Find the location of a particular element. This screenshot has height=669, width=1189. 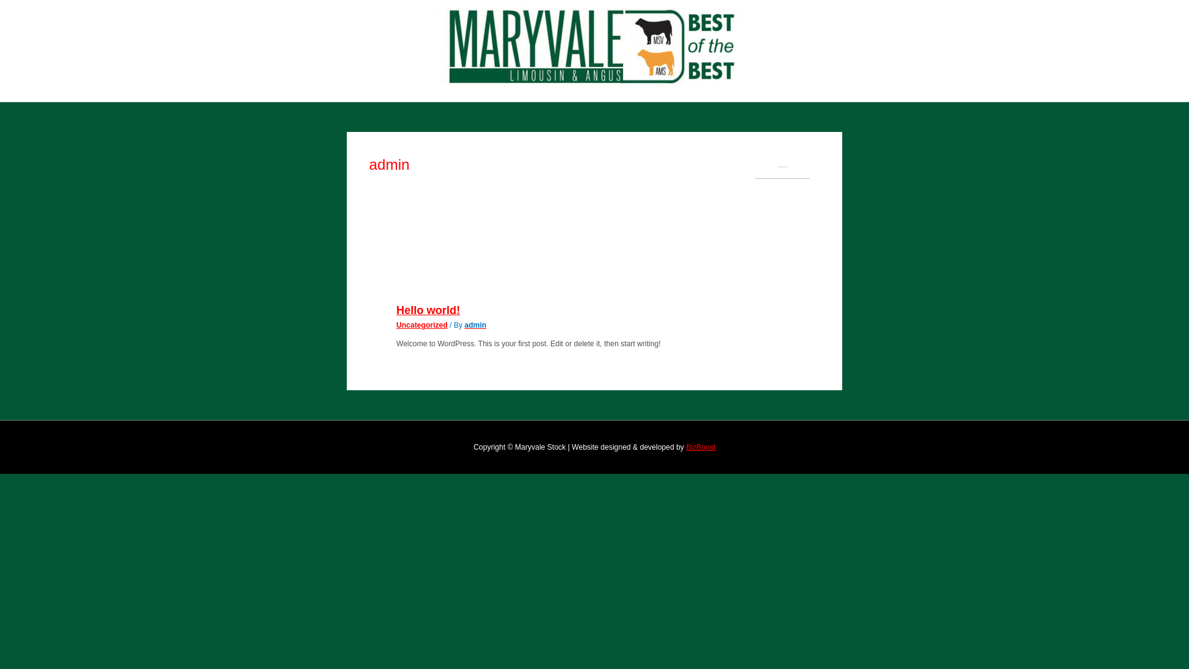

'Hello world!' is located at coordinates (428, 310).